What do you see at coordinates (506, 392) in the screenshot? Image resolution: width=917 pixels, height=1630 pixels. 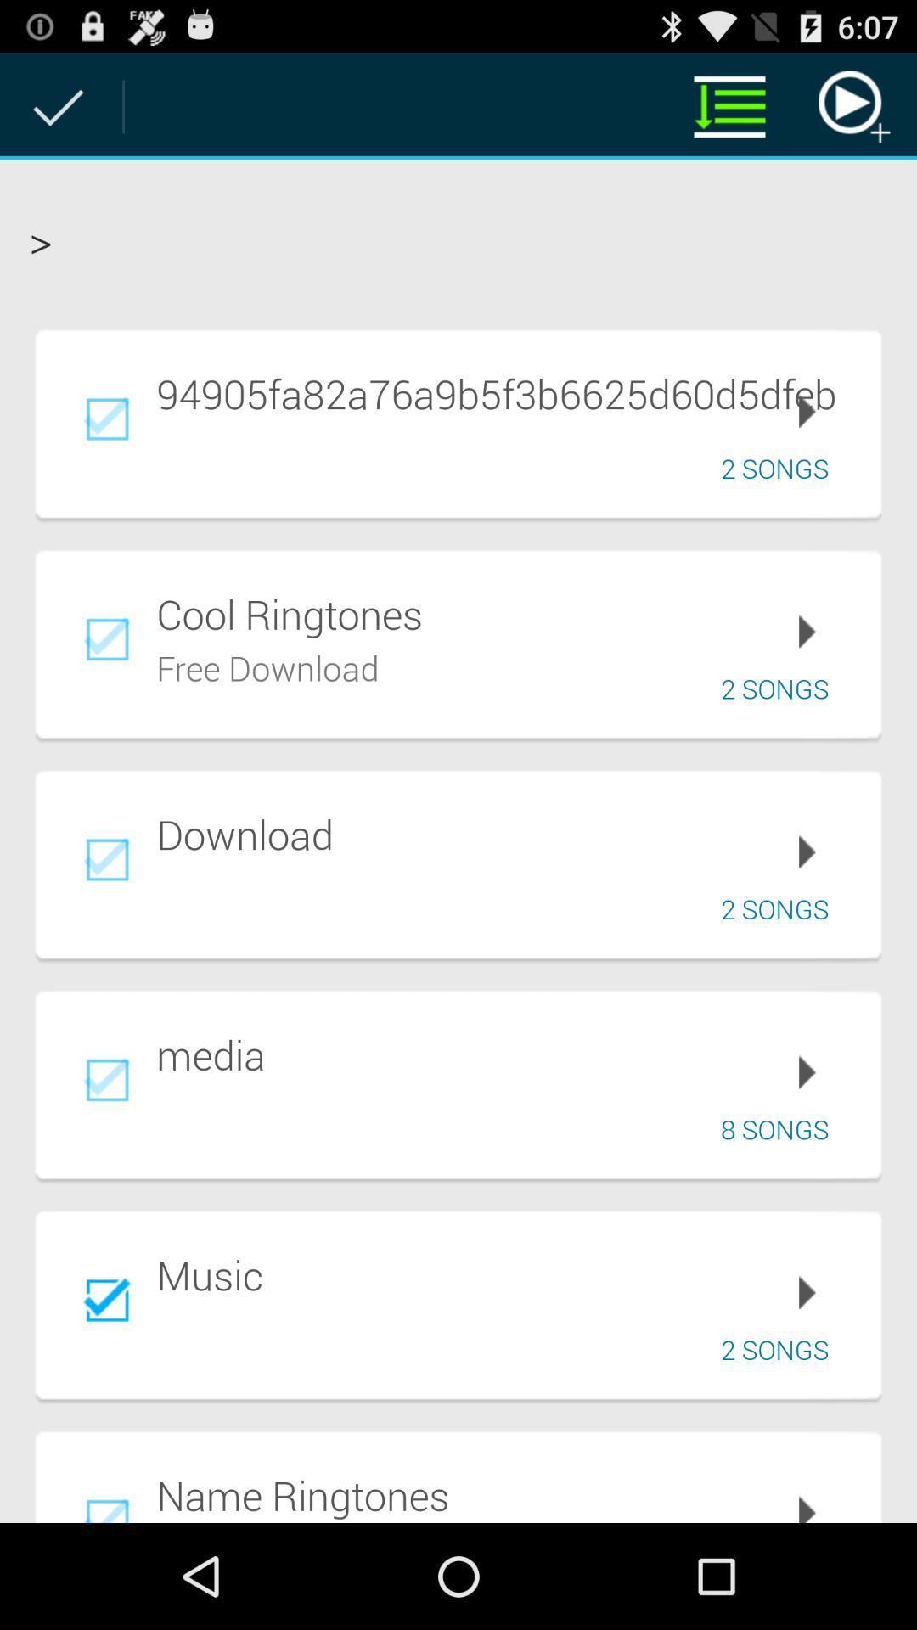 I see `app below > icon` at bounding box center [506, 392].